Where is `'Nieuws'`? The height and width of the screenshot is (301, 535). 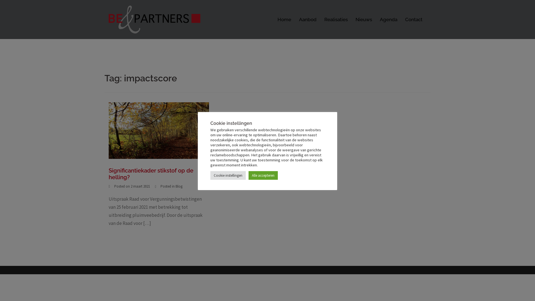 'Nieuws' is located at coordinates (364, 19).